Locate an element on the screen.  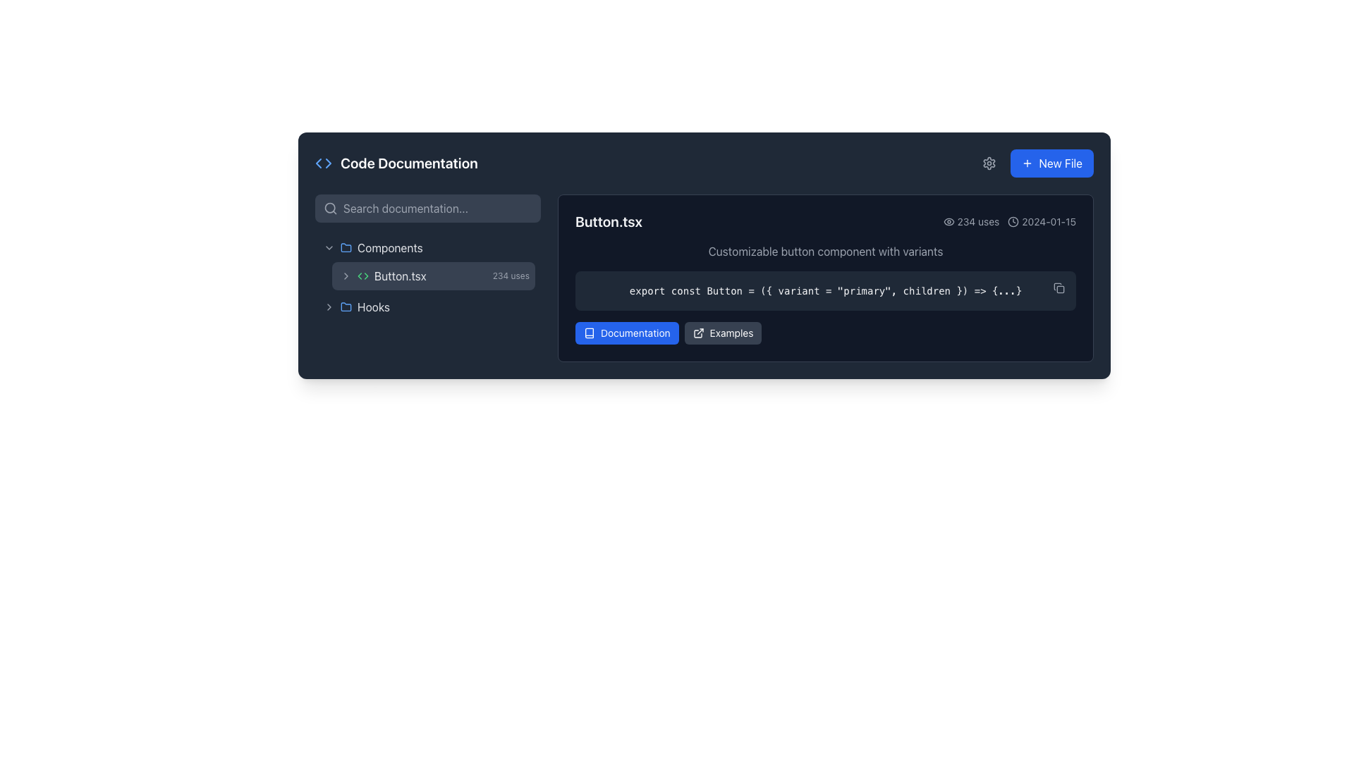
the clipboard copy icon located within the SVG graphic adjacent to the code snippet panel is located at coordinates (1057, 286).